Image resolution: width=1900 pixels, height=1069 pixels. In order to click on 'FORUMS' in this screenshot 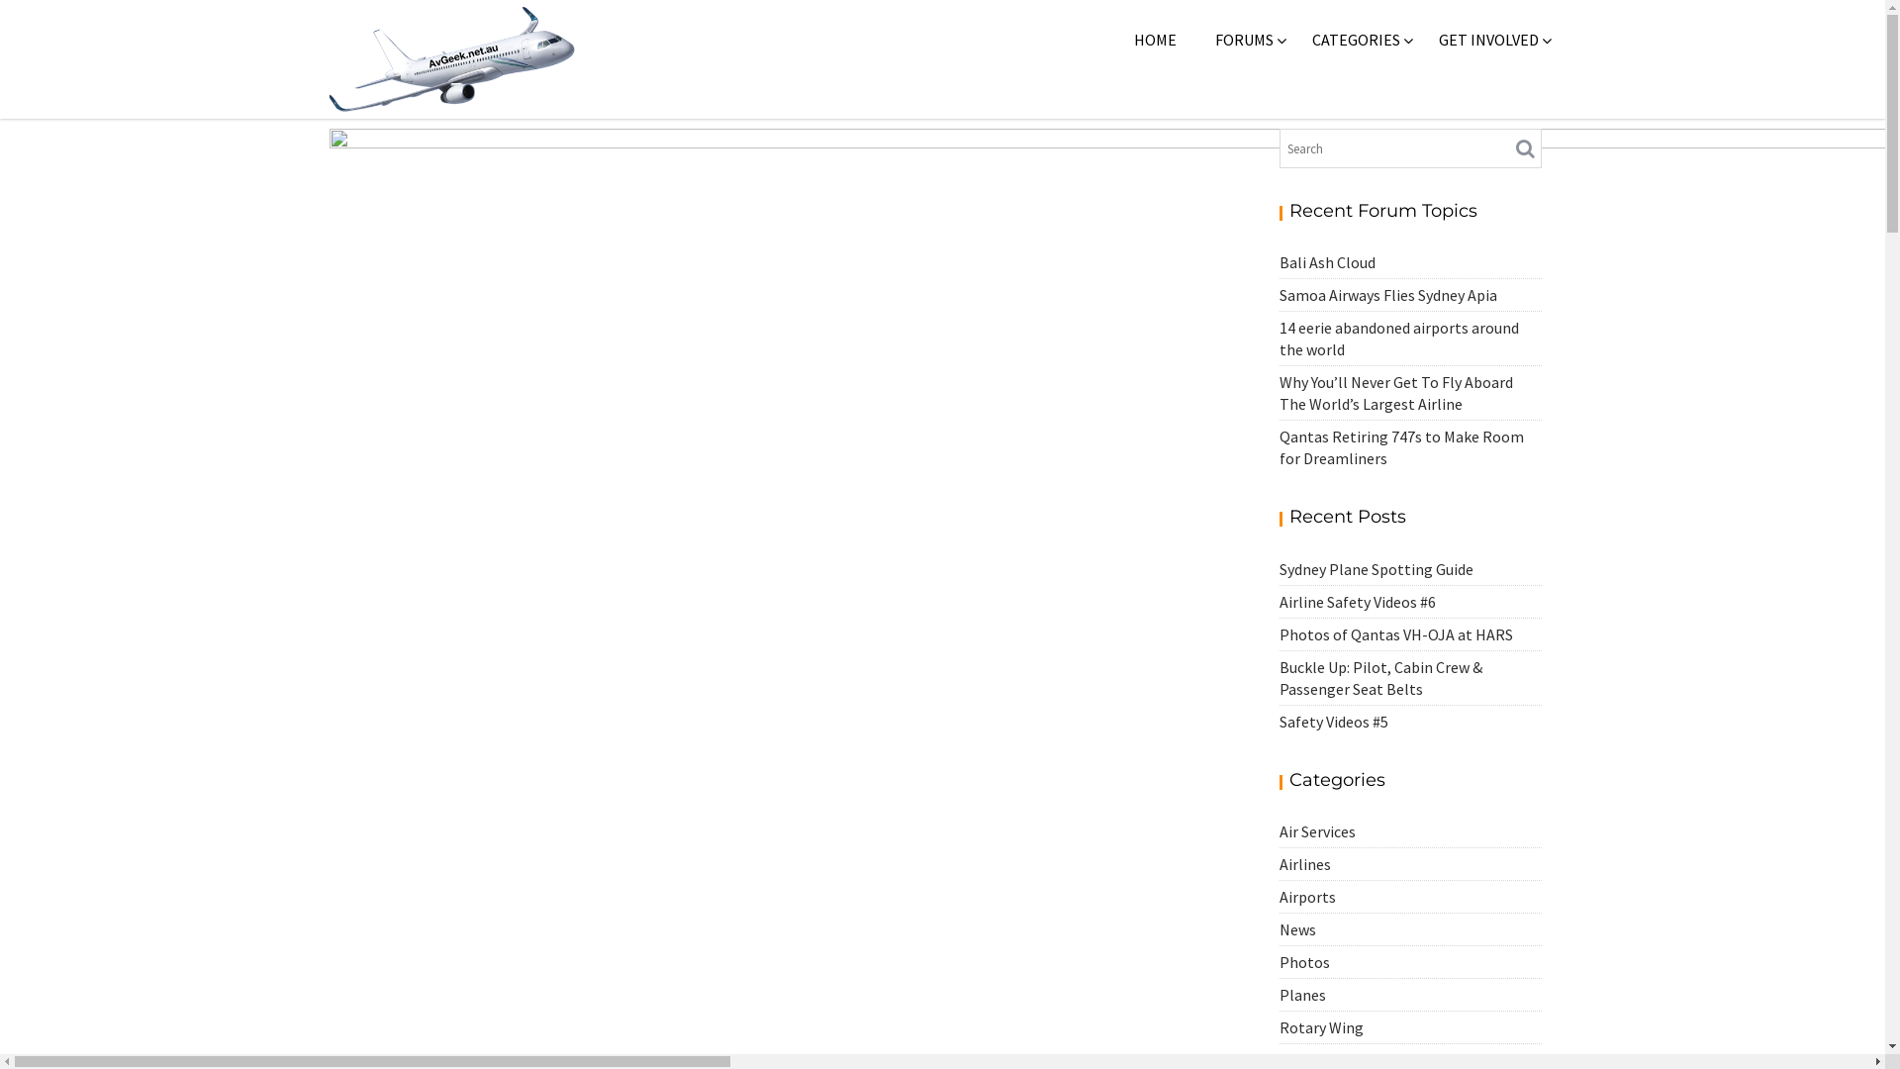, I will do `click(1195, 39)`.